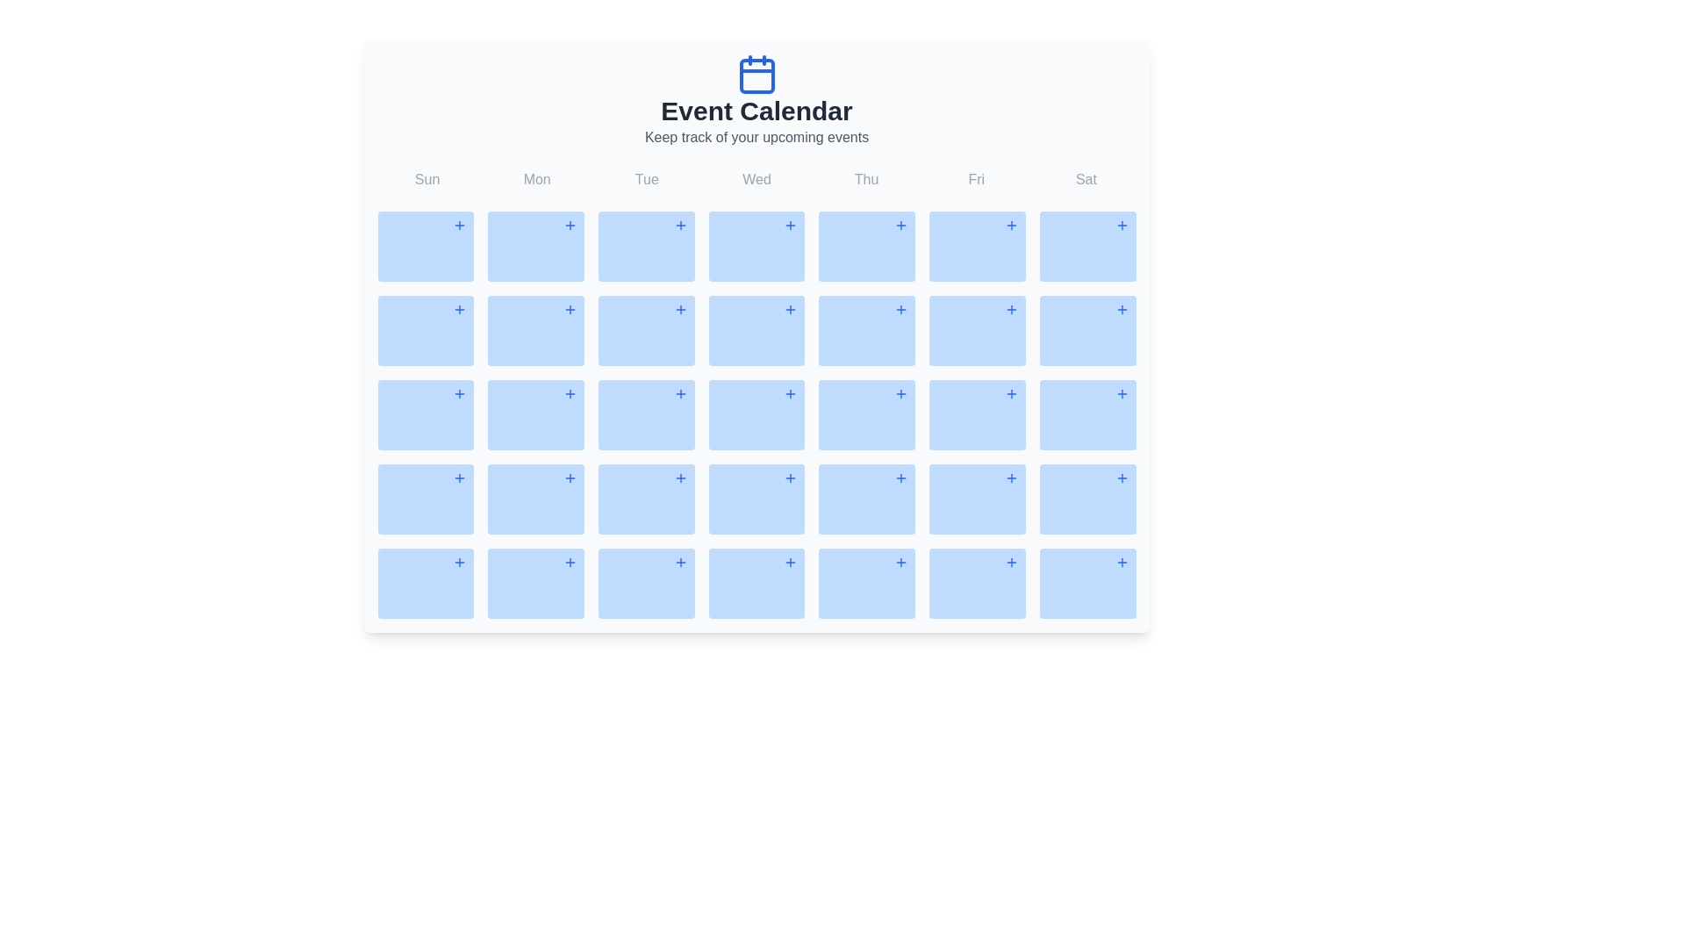 The width and height of the screenshot is (1685, 948). What do you see at coordinates (866, 179) in the screenshot?
I see `the text label that identifies the Thursday column in the calendar, positioned at the top center above the calendar grid` at bounding box center [866, 179].